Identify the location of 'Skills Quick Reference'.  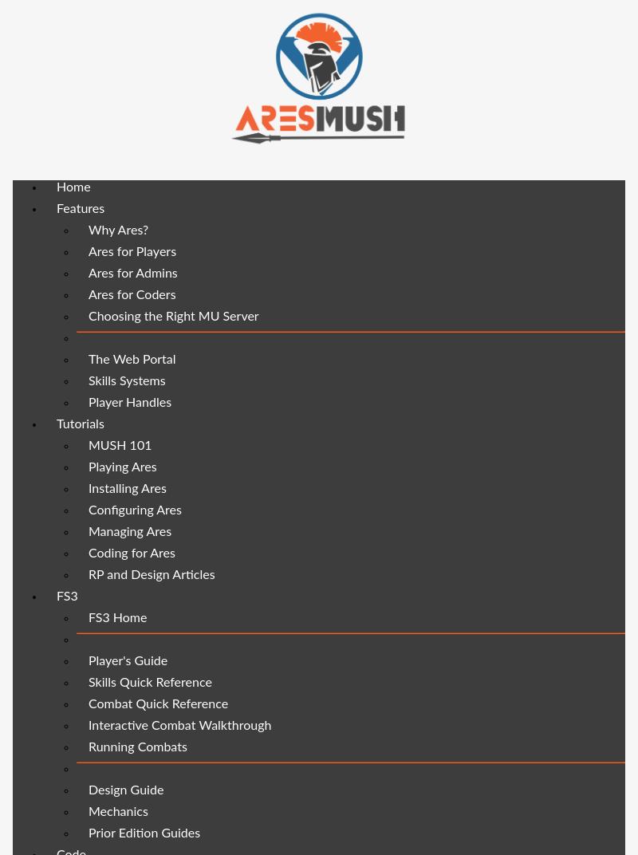
(149, 681).